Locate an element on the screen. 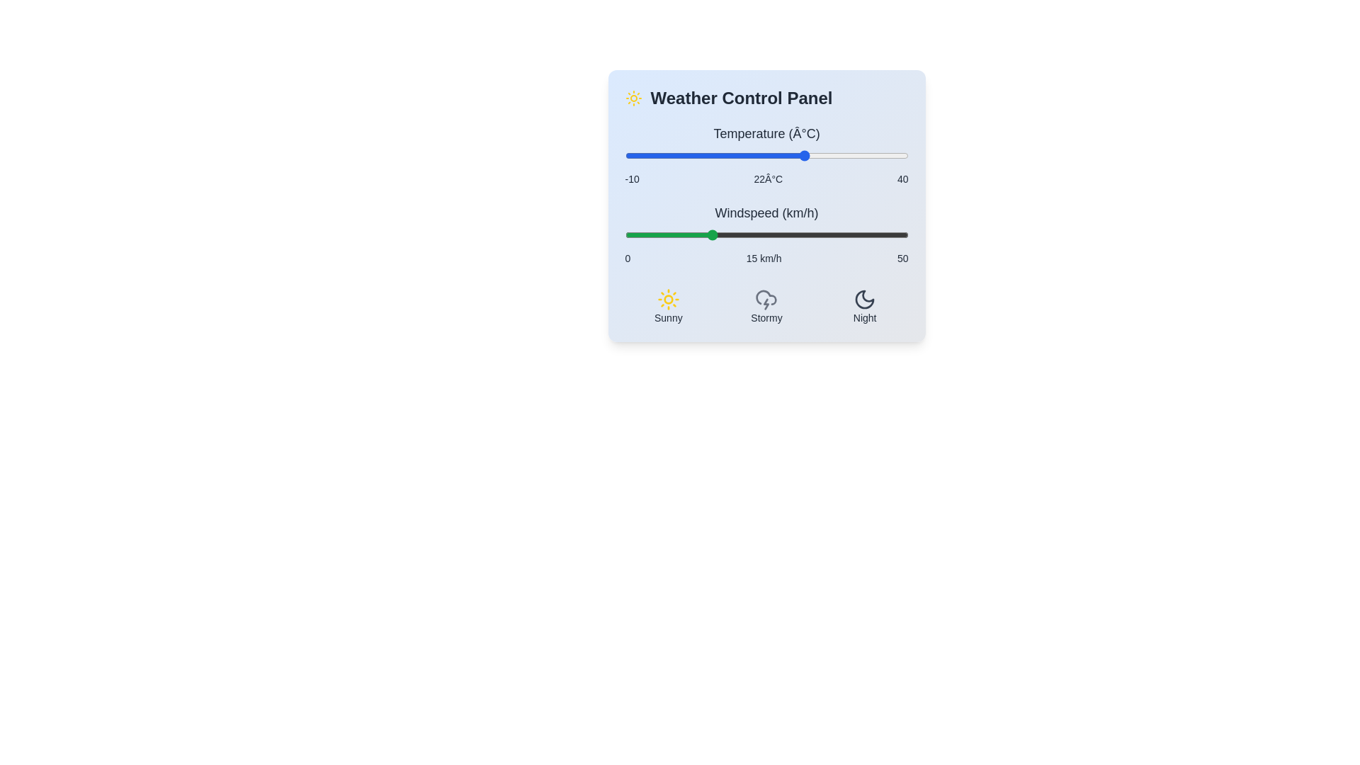 This screenshot has height=765, width=1360. the windspeed is located at coordinates (754, 234).